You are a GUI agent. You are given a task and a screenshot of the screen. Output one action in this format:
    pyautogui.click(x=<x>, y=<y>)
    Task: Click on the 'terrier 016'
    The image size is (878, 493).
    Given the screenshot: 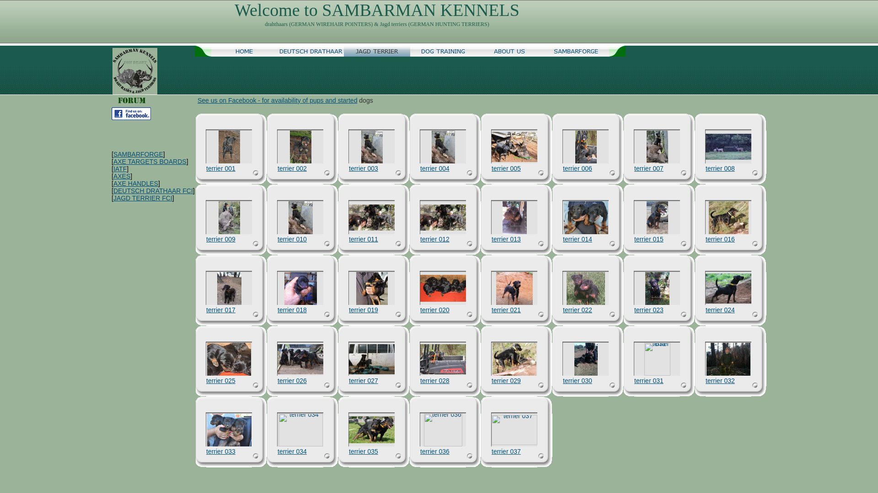 What is the action you would take?
    pyautogui.click(x=728, y=218)
    